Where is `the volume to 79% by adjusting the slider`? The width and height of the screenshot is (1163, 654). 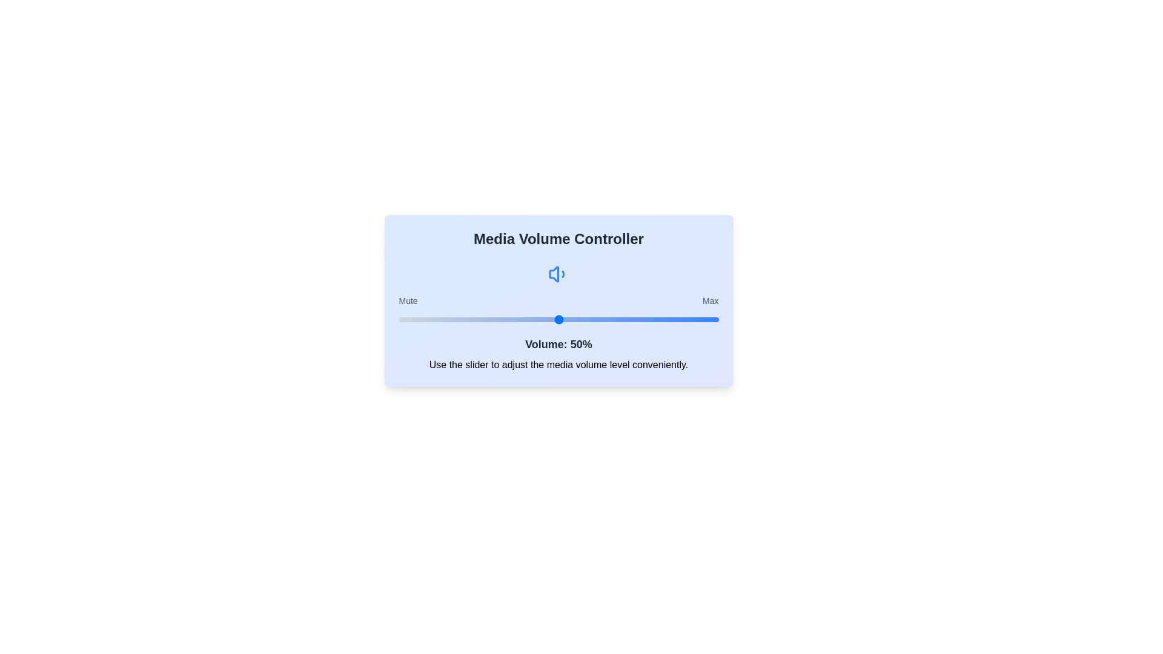
the volume to 79% by adjusting the slider is located at coordinates (651, 319).